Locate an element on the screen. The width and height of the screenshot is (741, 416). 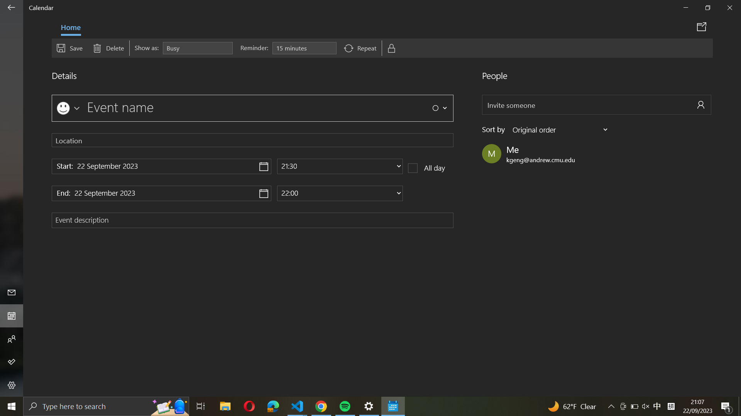
Design an event titled "Doctor"s Appointment" with medical emoji is located at coordinates (67, 107).